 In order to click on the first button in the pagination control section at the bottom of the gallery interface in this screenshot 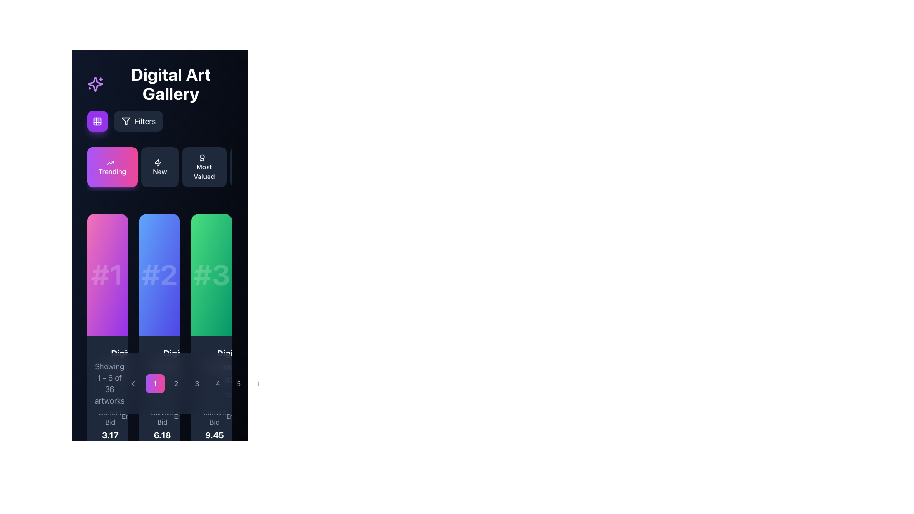, I will do `click(159, 383)`.